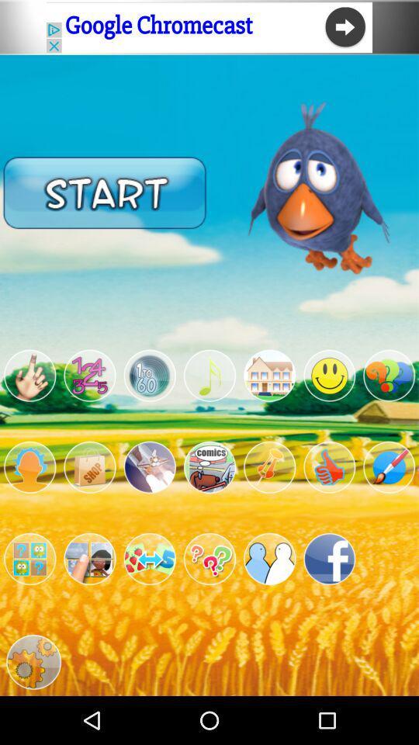 The height and width of the screenshot is (745, 419). What do you see at coordinates (150, 598) in the screenshot?
I see `the emoji icon` at bounding box center [150, 598].